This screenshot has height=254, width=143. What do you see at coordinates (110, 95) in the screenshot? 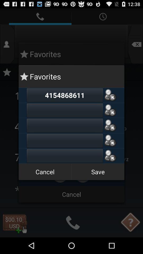
I see `cancel the favorite` at bounding box center [110, 95].